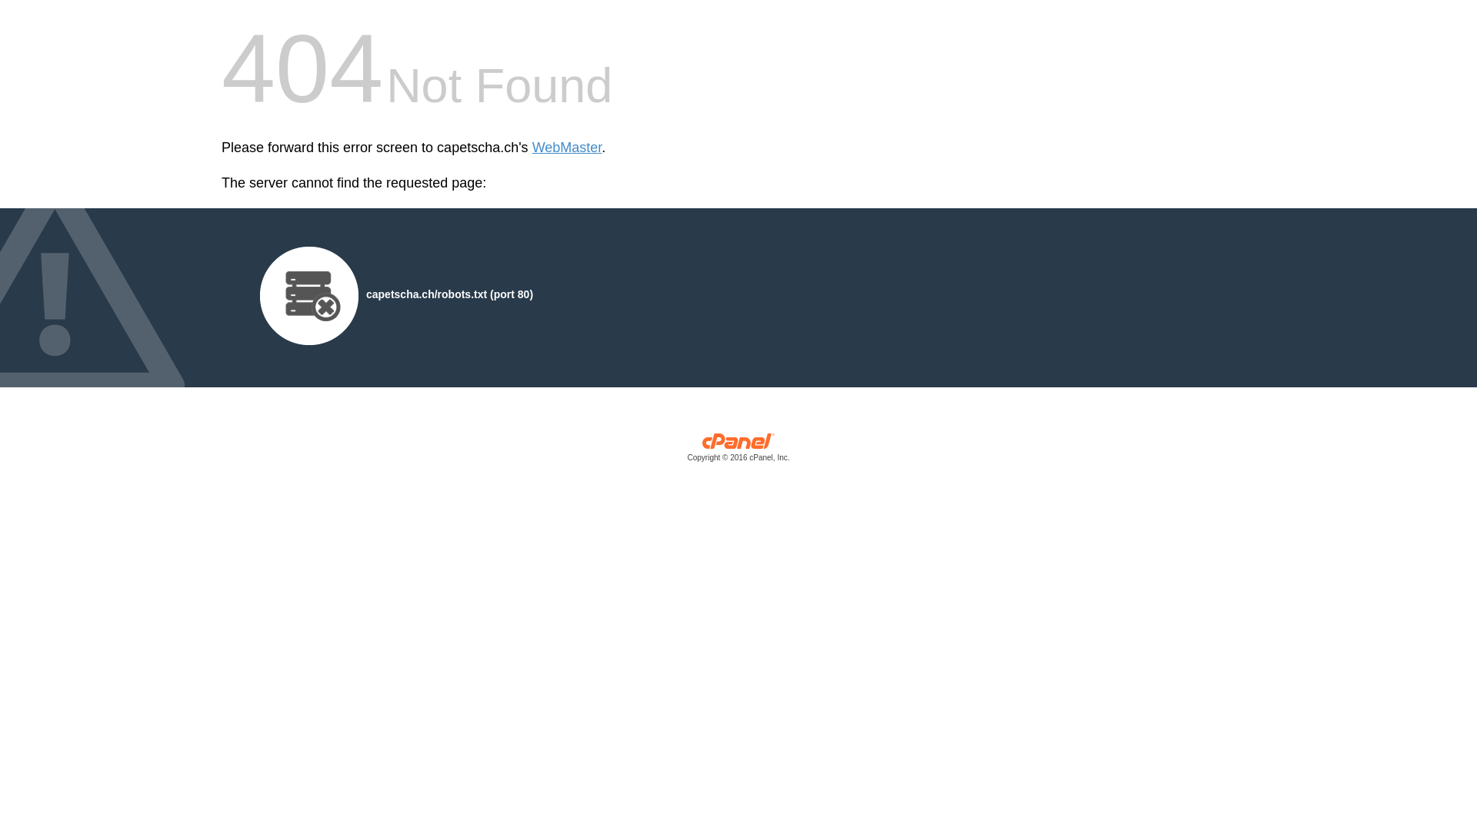  What do you see at coordinates (532, 148) in the screenshot?
I see `'WebMaster'` at bounding box center [532, 148].